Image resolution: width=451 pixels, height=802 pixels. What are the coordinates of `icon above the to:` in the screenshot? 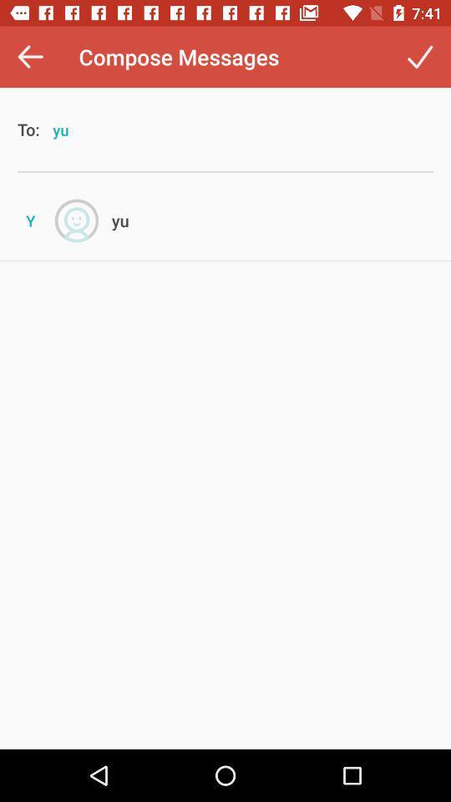 It's located at (30, 57).